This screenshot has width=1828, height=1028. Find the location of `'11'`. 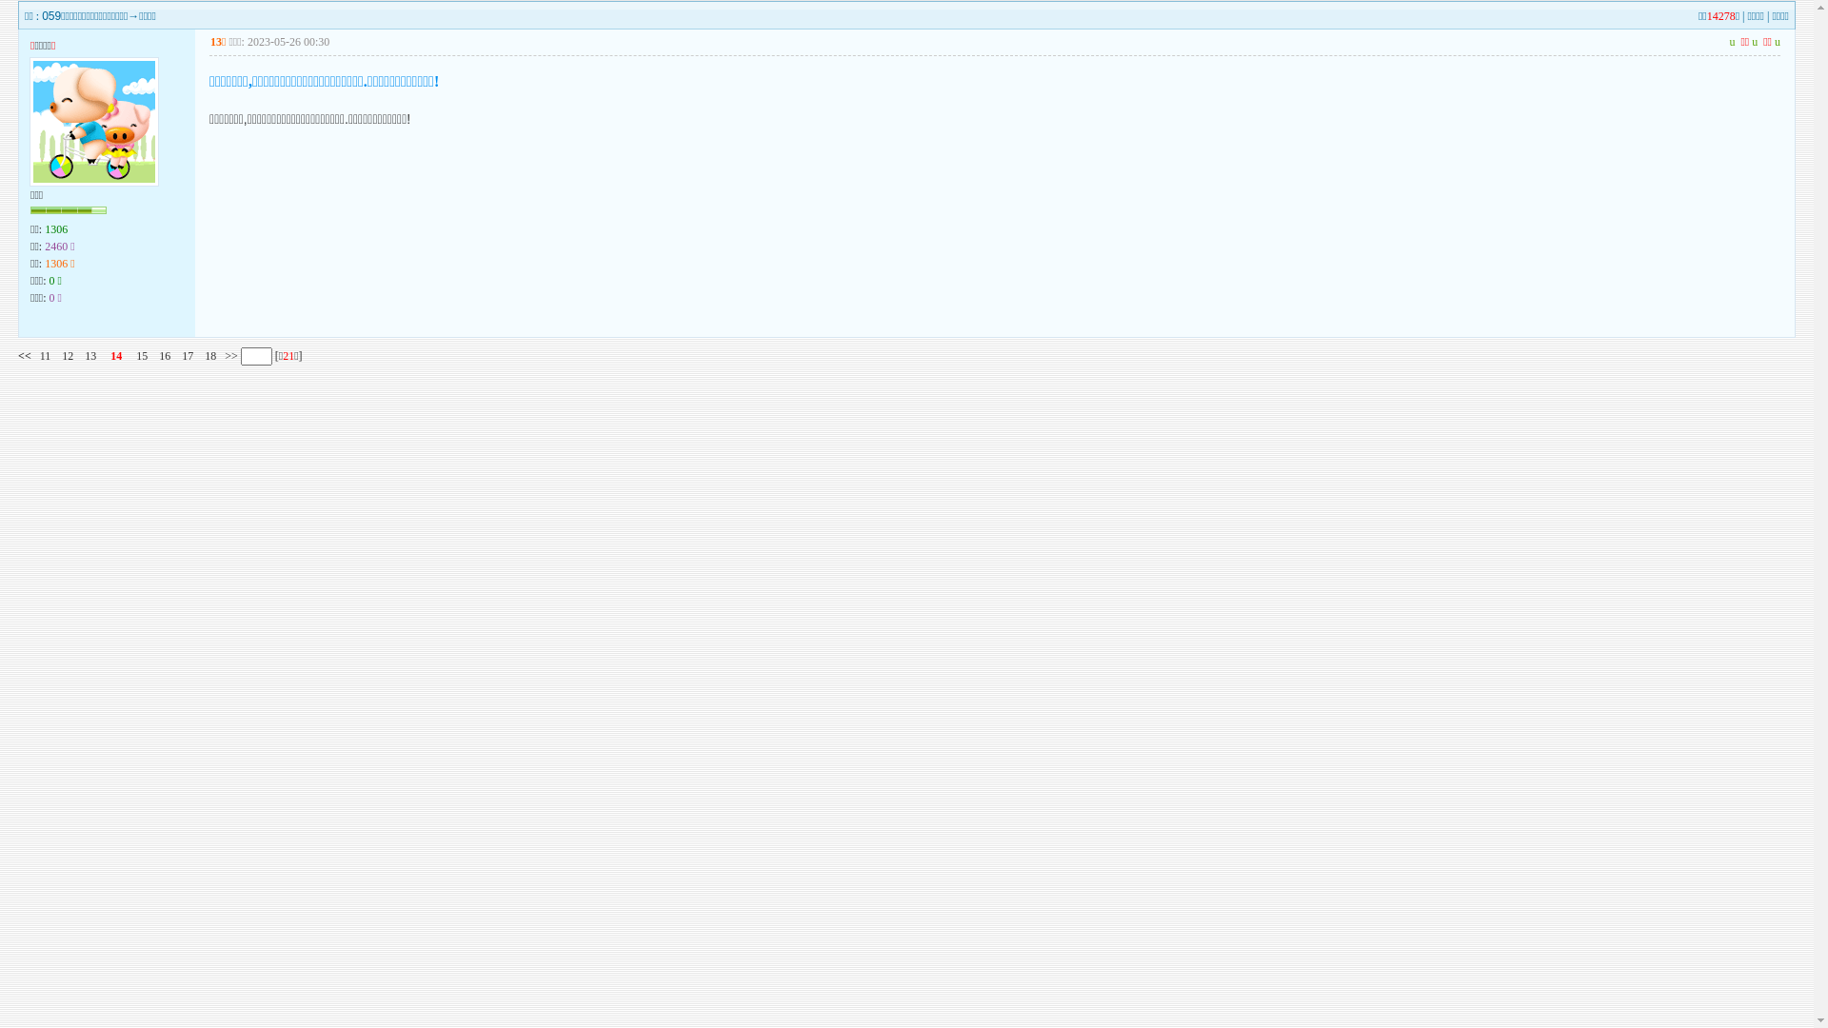

'11' is located at coordinates (46, 356).